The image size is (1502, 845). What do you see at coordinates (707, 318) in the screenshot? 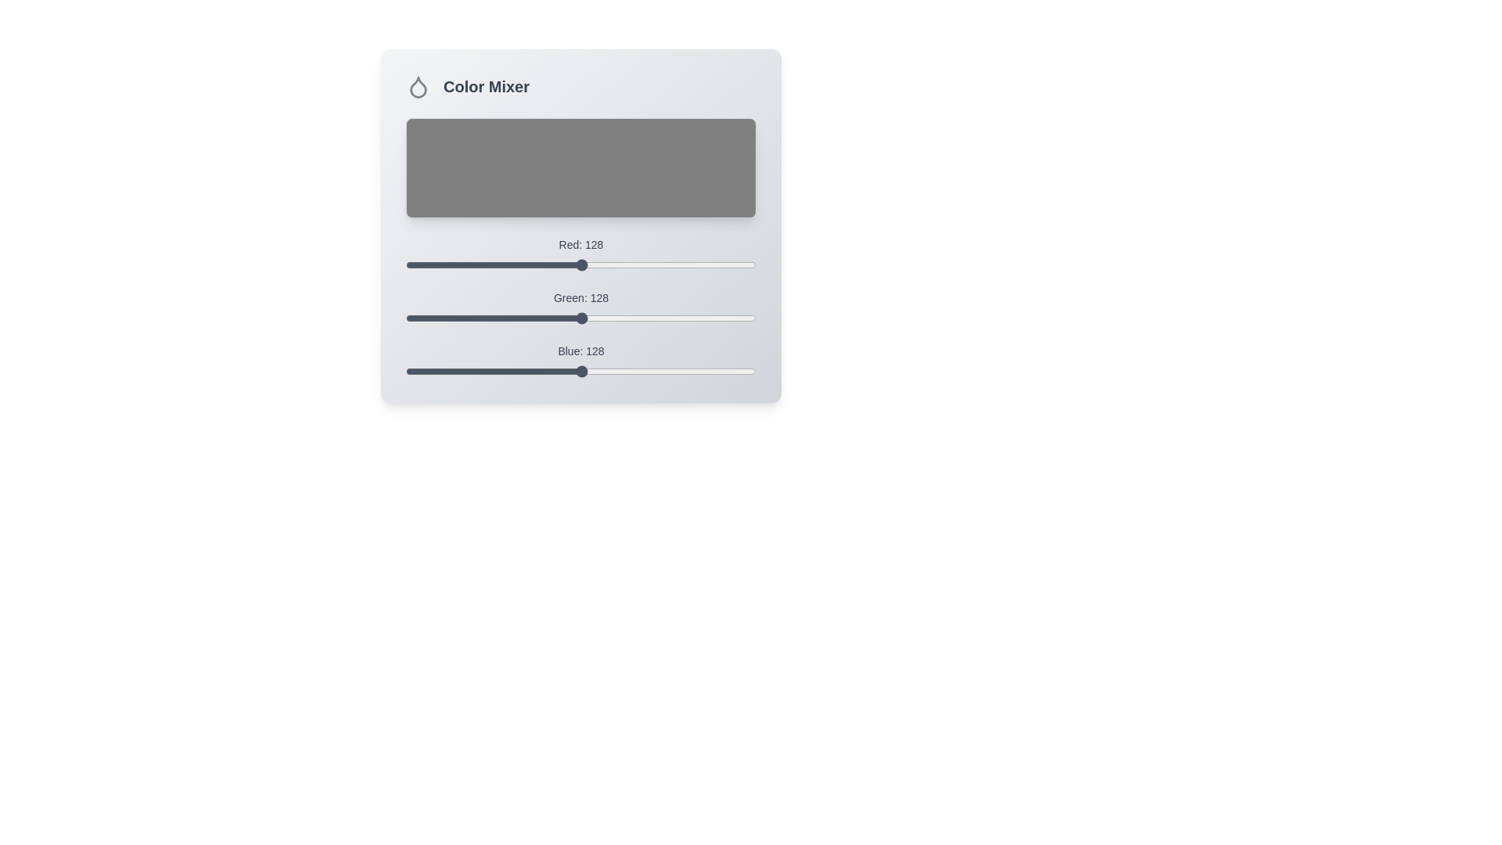
I see `the green slider to 220` at bounding box center [707, 318].